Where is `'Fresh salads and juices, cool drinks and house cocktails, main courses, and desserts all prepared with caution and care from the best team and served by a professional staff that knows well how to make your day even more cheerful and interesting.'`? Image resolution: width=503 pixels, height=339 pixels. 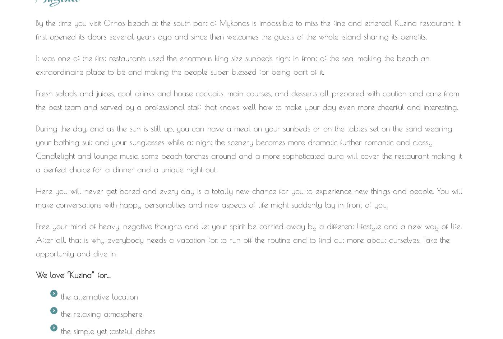 'Fresh salads and juices, cool drinks and house cocktails, main courses, and desserts all prepared with caution and care from the best team and served by a professional staff that knows well how to make your day even more cheerful and interesting.' is located at coordinates (247, 100).